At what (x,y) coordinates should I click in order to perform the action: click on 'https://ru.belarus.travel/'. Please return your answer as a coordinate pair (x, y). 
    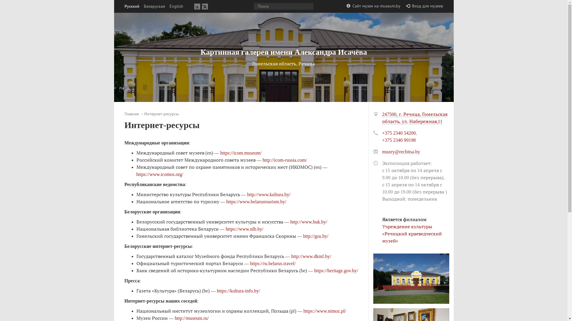
    Looking at the image, I should click on (273, 263).